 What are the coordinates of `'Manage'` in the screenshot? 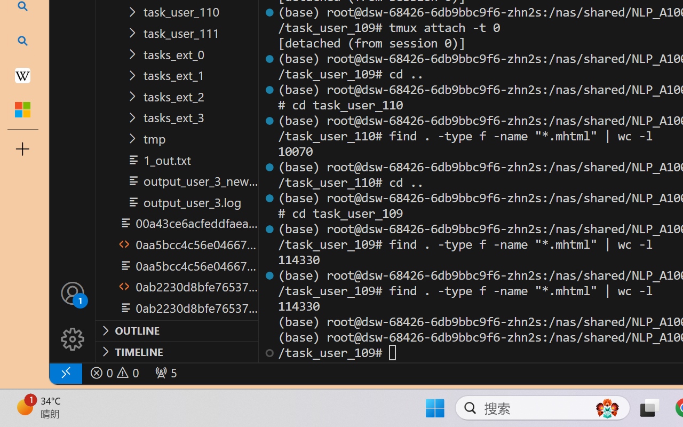 It's located at (72, 315).